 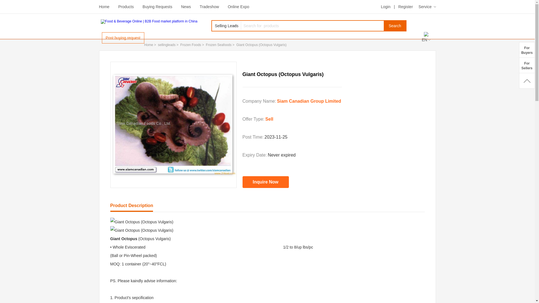 What do you see at coordinates (180, 44) in the screenshot?
I see `'Frozen Foods'` at bounding box center [180, 44].